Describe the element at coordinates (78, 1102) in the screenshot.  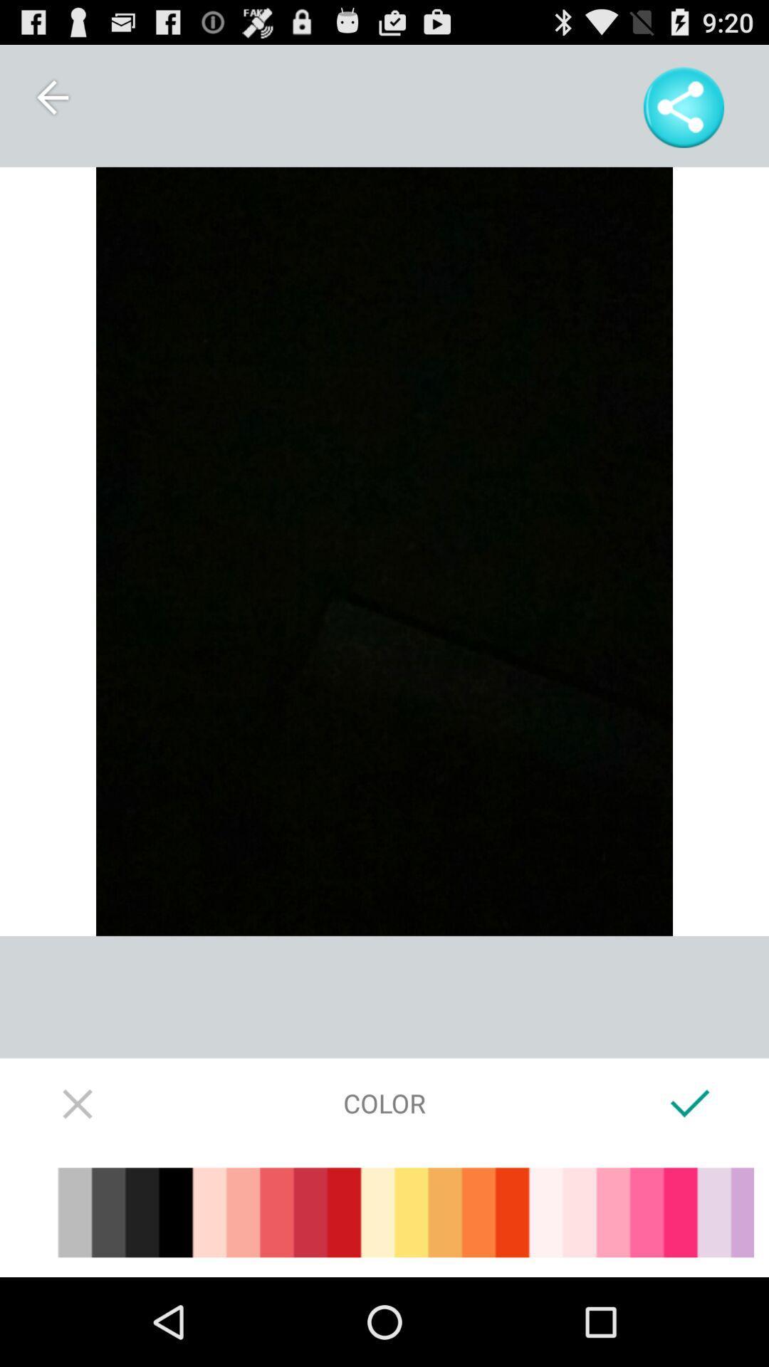
I see `the item at the bottom left corner` at that location.